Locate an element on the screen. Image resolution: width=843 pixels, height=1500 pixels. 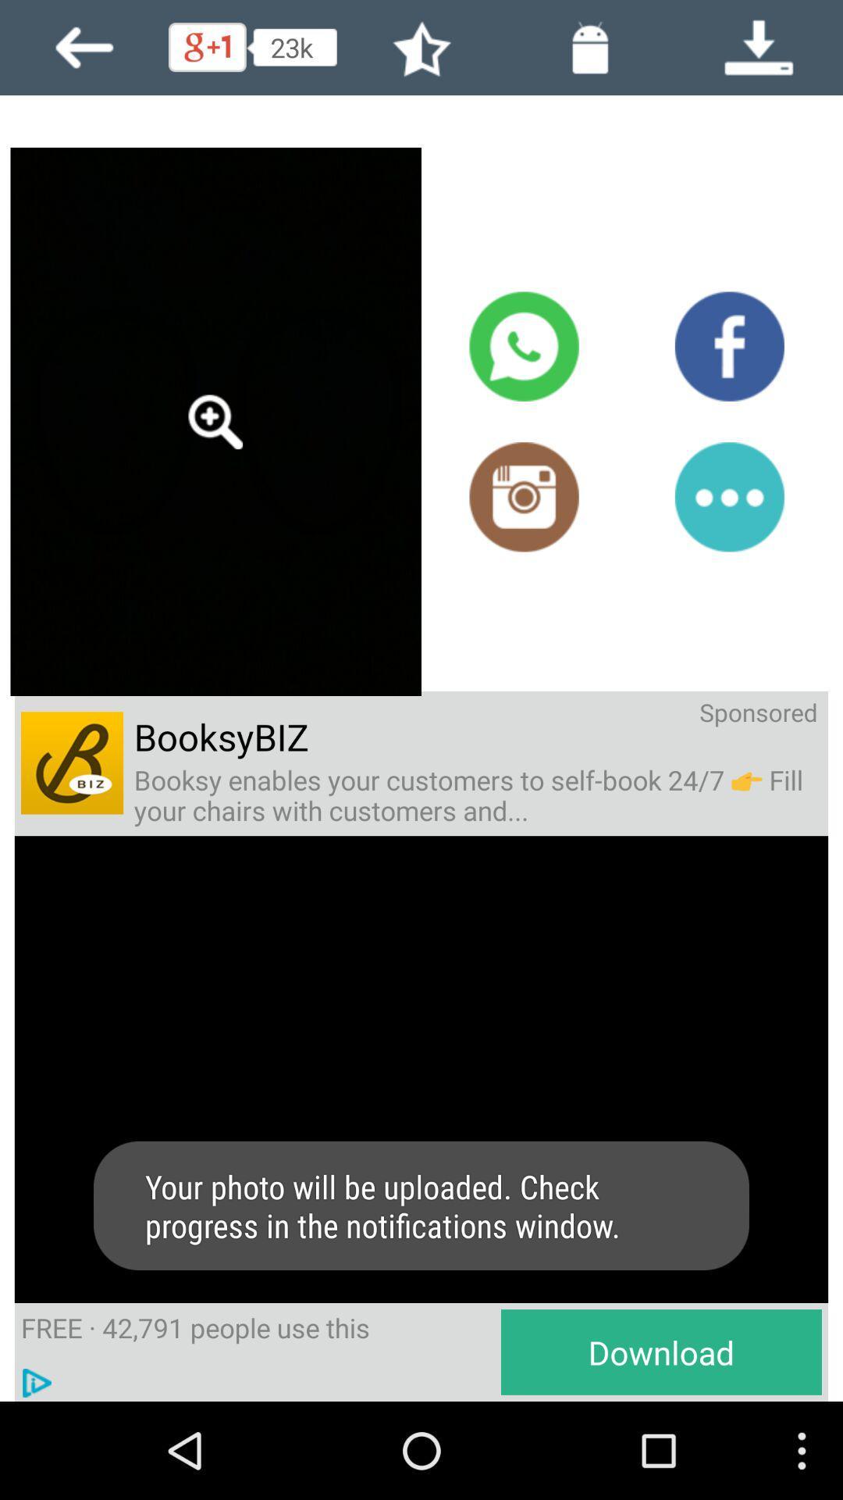
the lock icon is located at coordinates (590, 51).